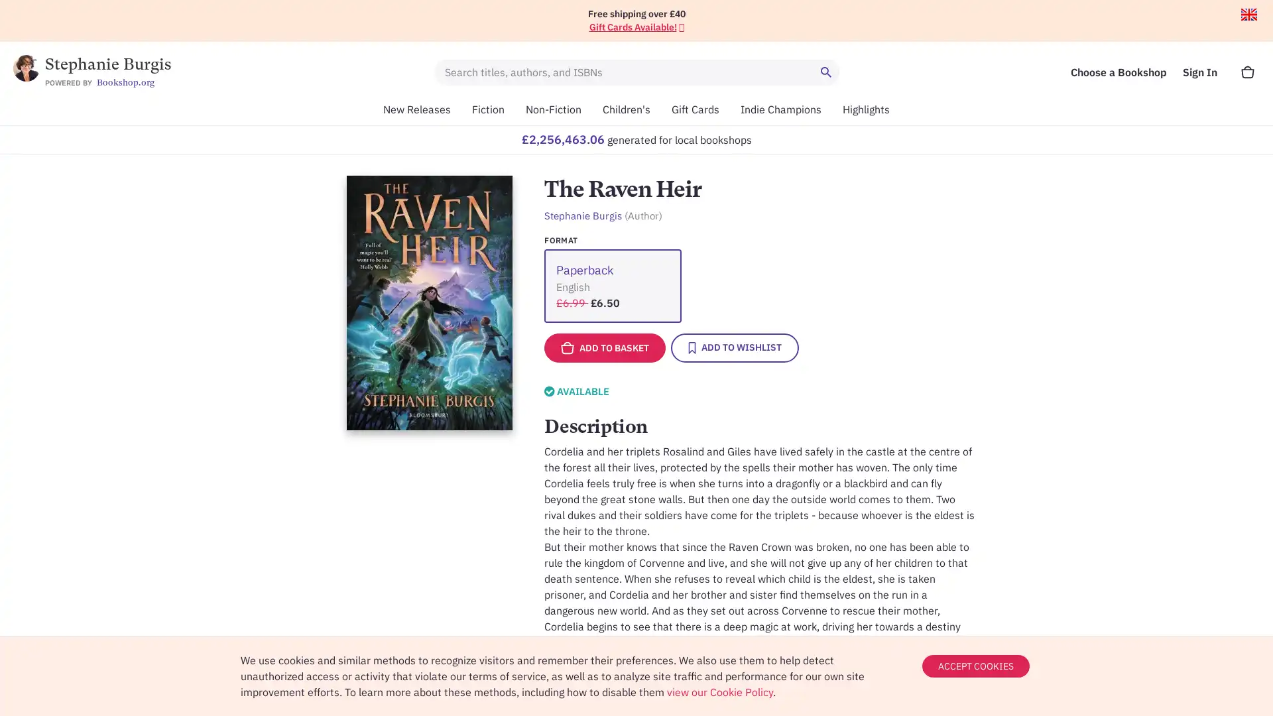 This screenshot has height=716, width=1273. Describe the element at coordinates (607, 347) in the screenshot. I see `ADD TO BASKET` at that location.